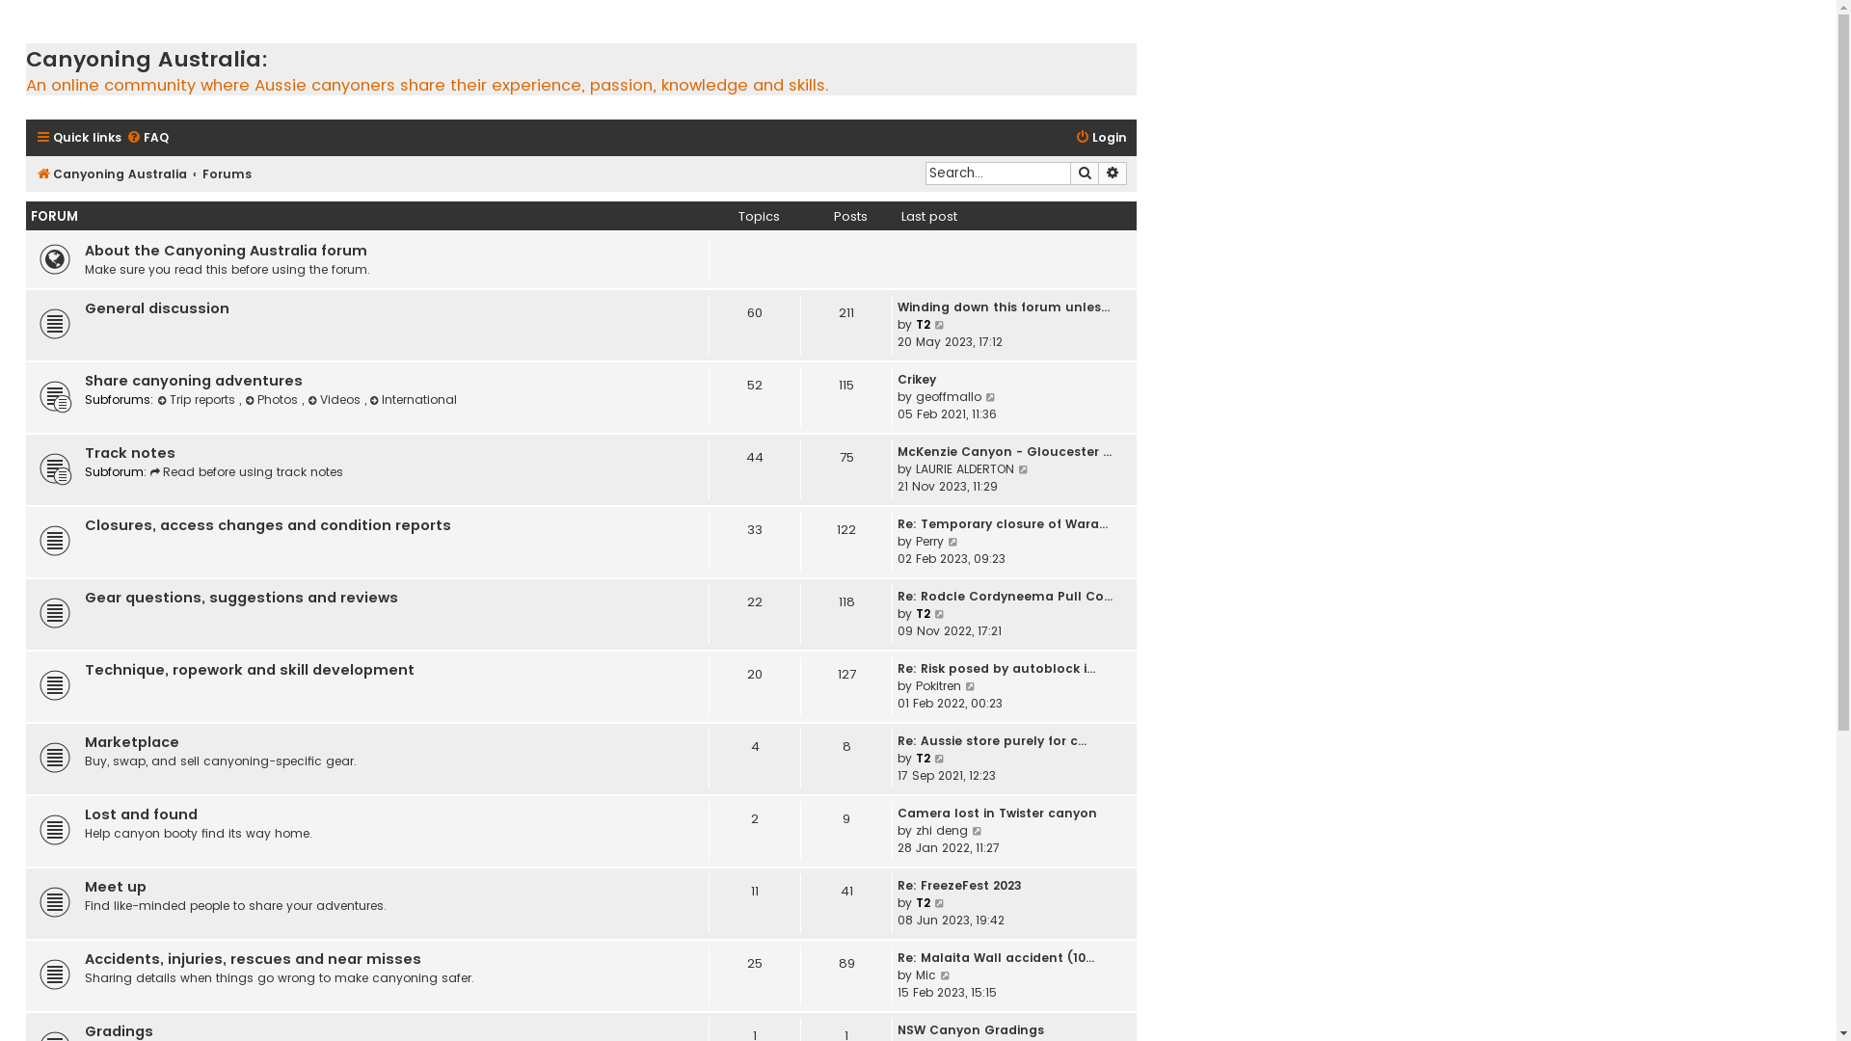 This screenshot has width=1851, height=1041. I want to click on 'View the latest post', so click(946, 974).